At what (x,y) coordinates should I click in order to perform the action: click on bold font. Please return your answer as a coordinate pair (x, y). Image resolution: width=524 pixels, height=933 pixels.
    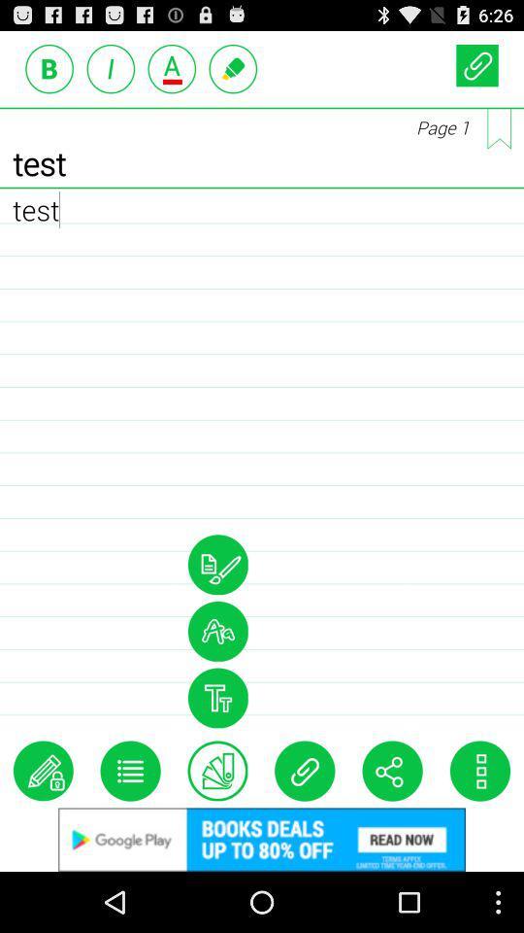
    Looking at the image, I should click on (49, 68).